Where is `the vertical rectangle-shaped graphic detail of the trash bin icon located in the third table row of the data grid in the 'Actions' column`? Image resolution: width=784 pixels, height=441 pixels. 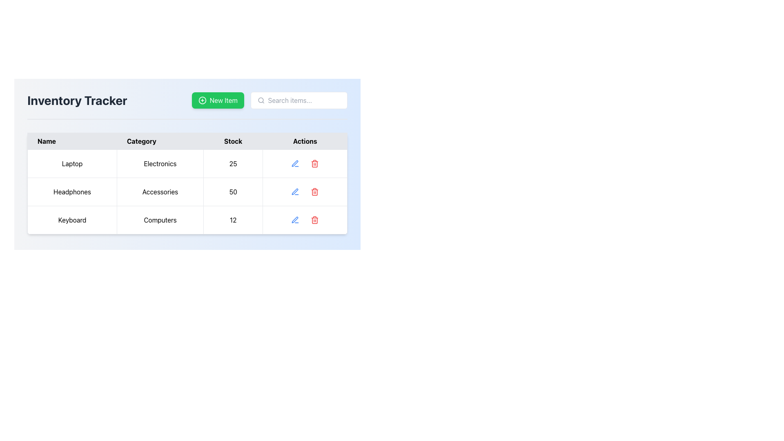 the vertical rectangle-shaped graphic detail of the trash bin icon located in the third table row of the data grid in the 'Actions' column is located at coordinates (314, 220).